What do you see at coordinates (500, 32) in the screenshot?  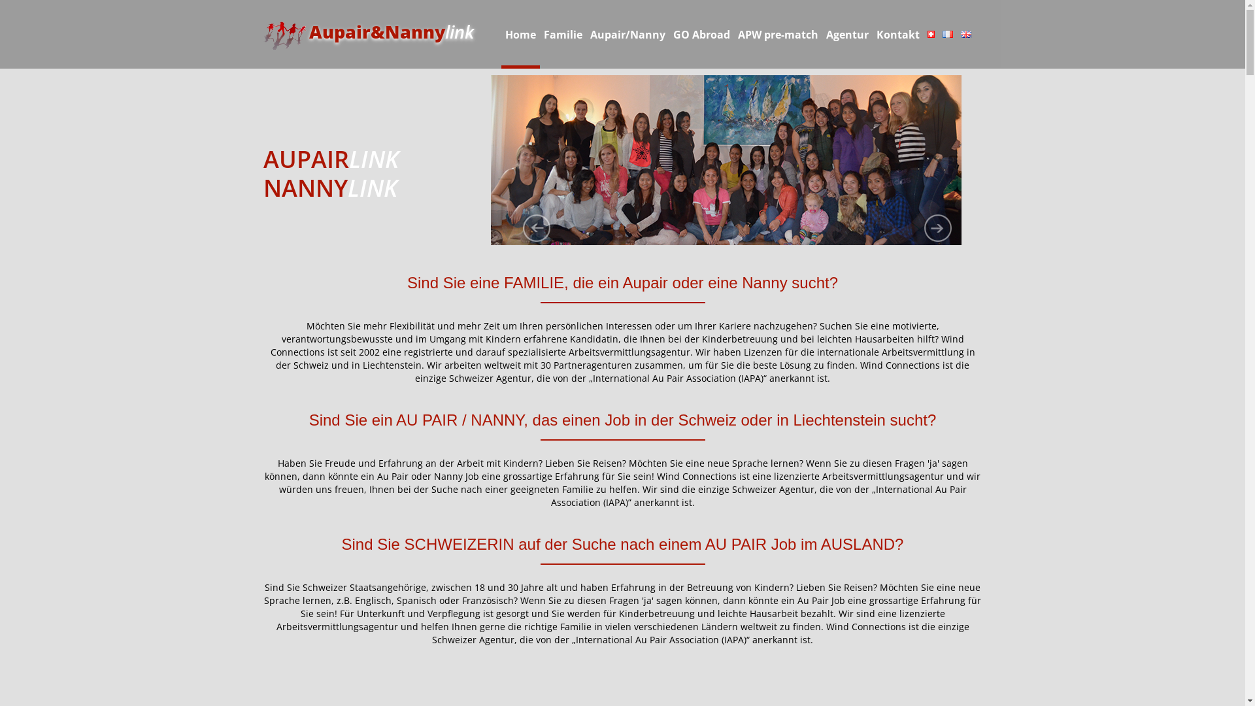 I see `'Home'` at bounding box center [500, 32].